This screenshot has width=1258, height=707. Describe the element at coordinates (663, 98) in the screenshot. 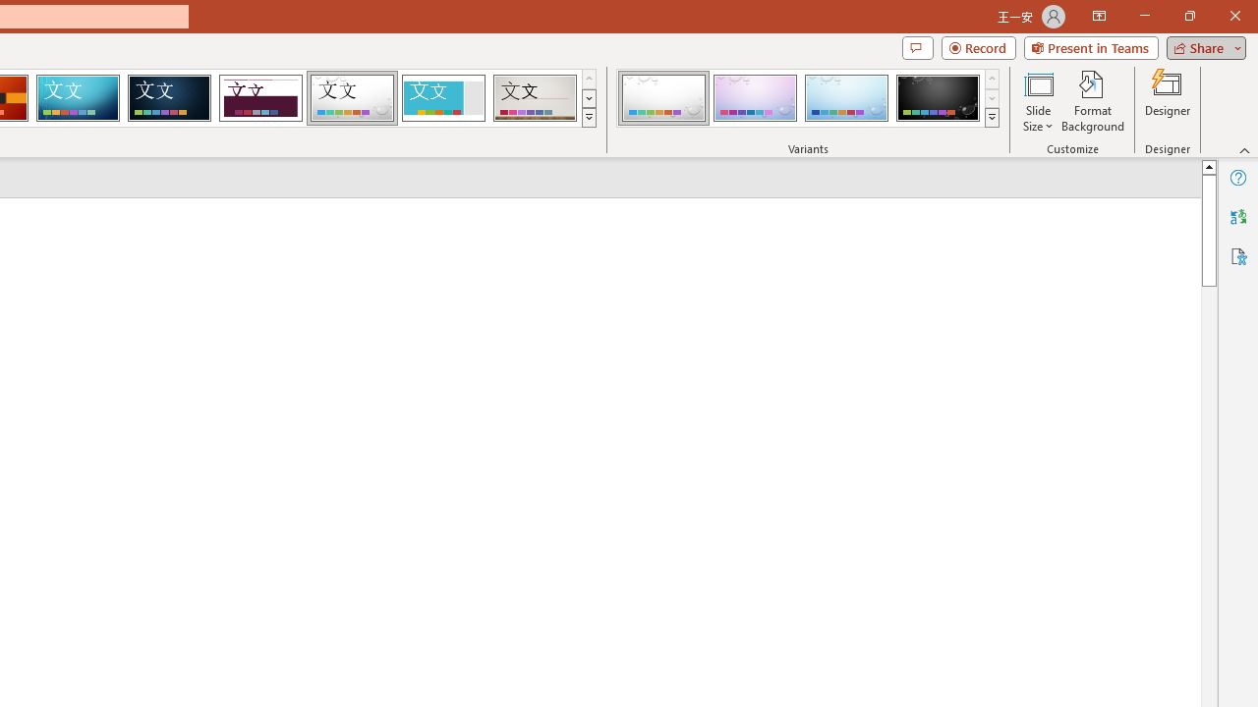

I see `'Droplet Variant 1'` at that location.